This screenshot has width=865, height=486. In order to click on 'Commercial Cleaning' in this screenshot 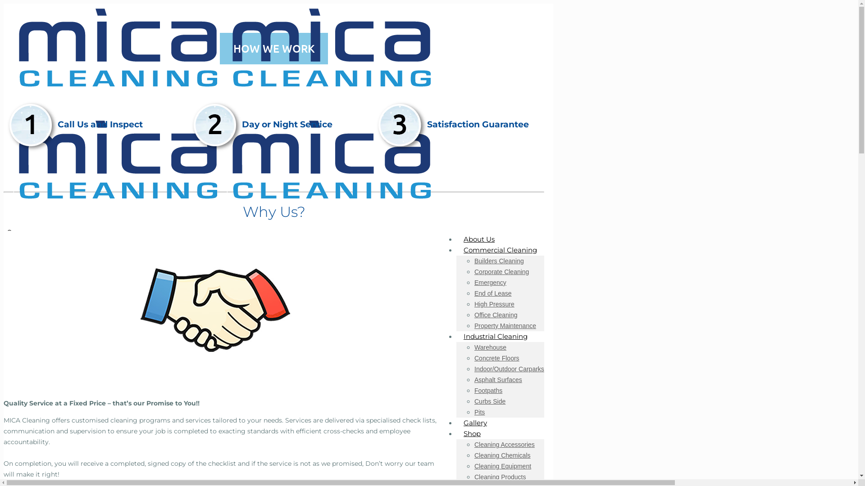, I will do `click(500, 250)`.